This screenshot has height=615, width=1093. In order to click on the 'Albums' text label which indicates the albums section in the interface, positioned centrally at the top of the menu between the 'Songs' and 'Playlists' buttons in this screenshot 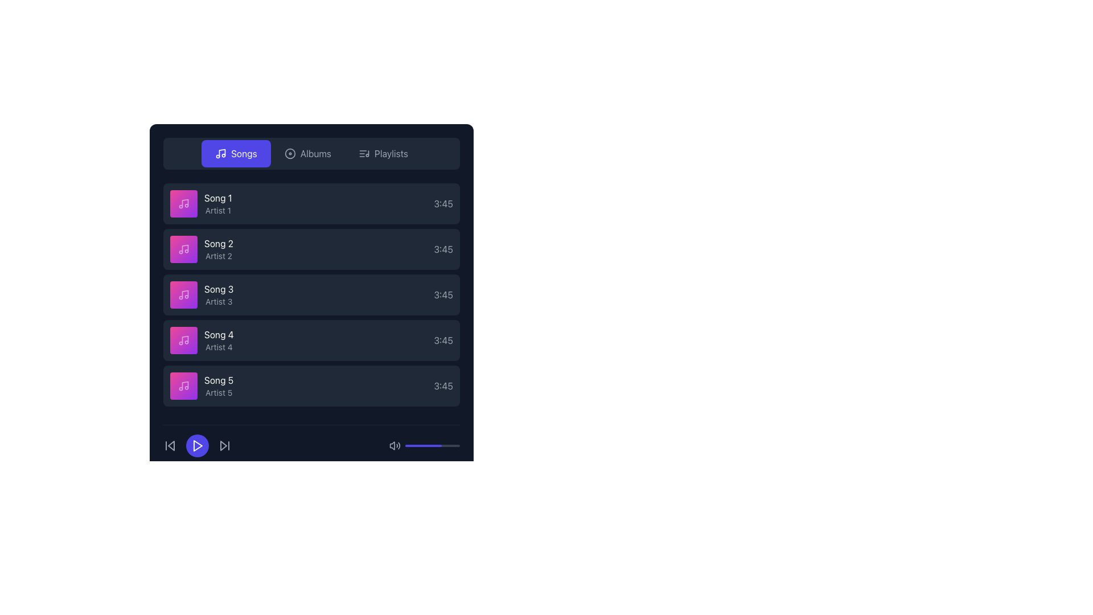, I will do `click(315, 154)`.